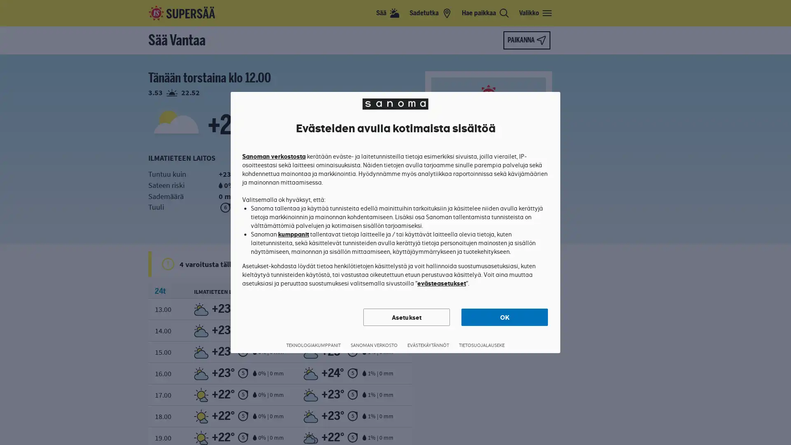 This screenshot has width=791, height=445. I want to click on Hae paikkaa, so click(485, 13).